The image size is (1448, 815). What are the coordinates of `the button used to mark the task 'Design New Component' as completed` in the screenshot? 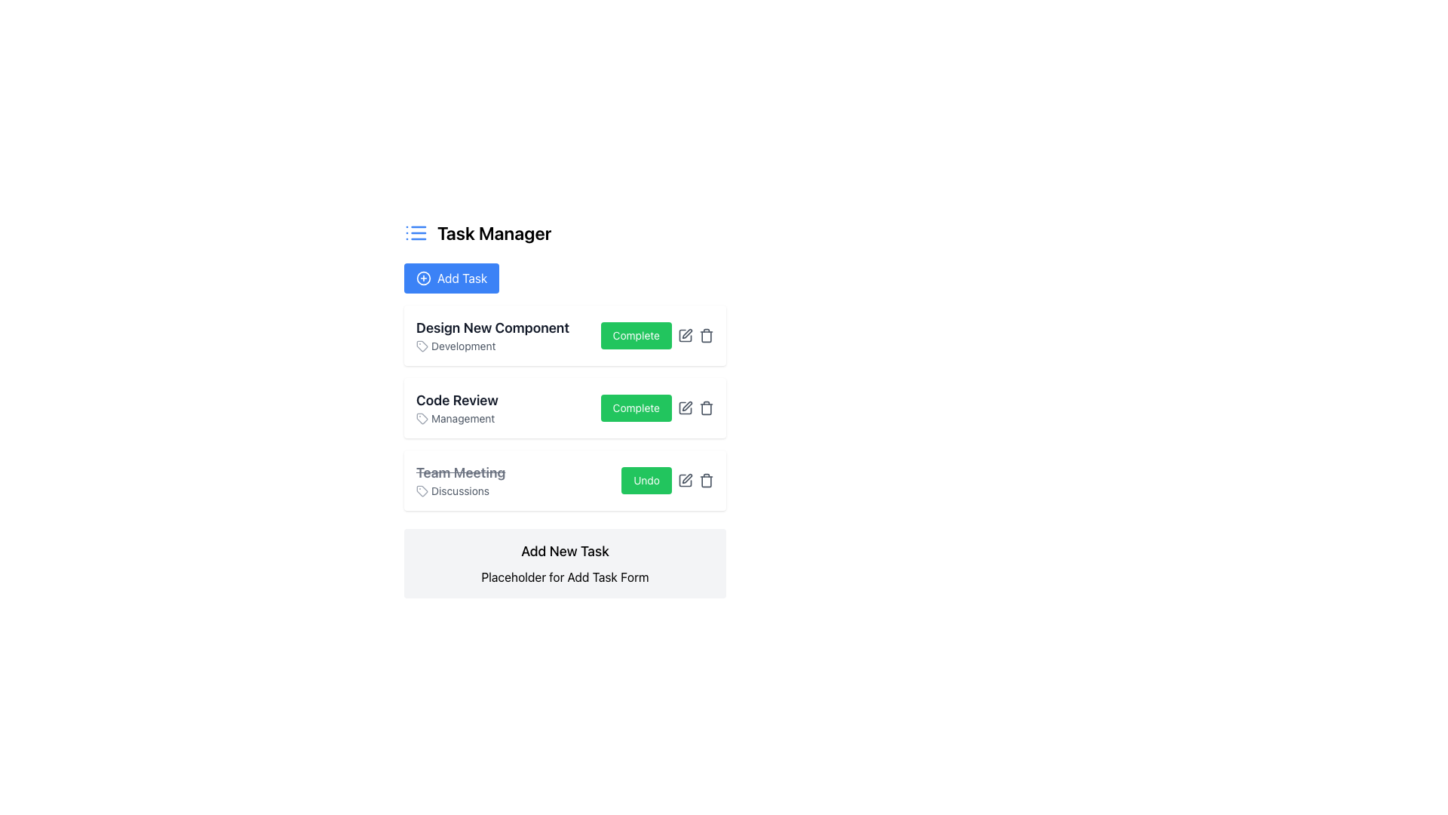 It's located at (657, 334).